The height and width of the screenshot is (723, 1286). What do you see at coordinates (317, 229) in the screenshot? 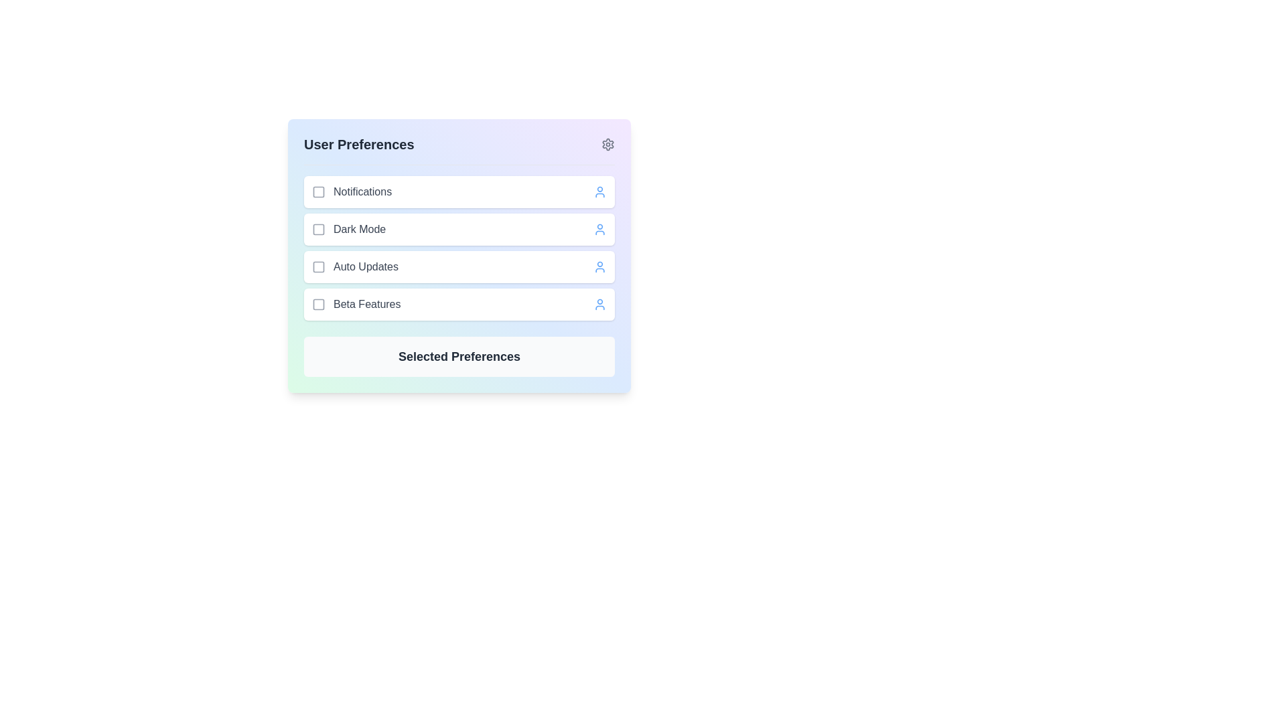
I see `the second checkbox in the vertical list for the 'Dark Mode' feature` at bounding box center [317, 229].